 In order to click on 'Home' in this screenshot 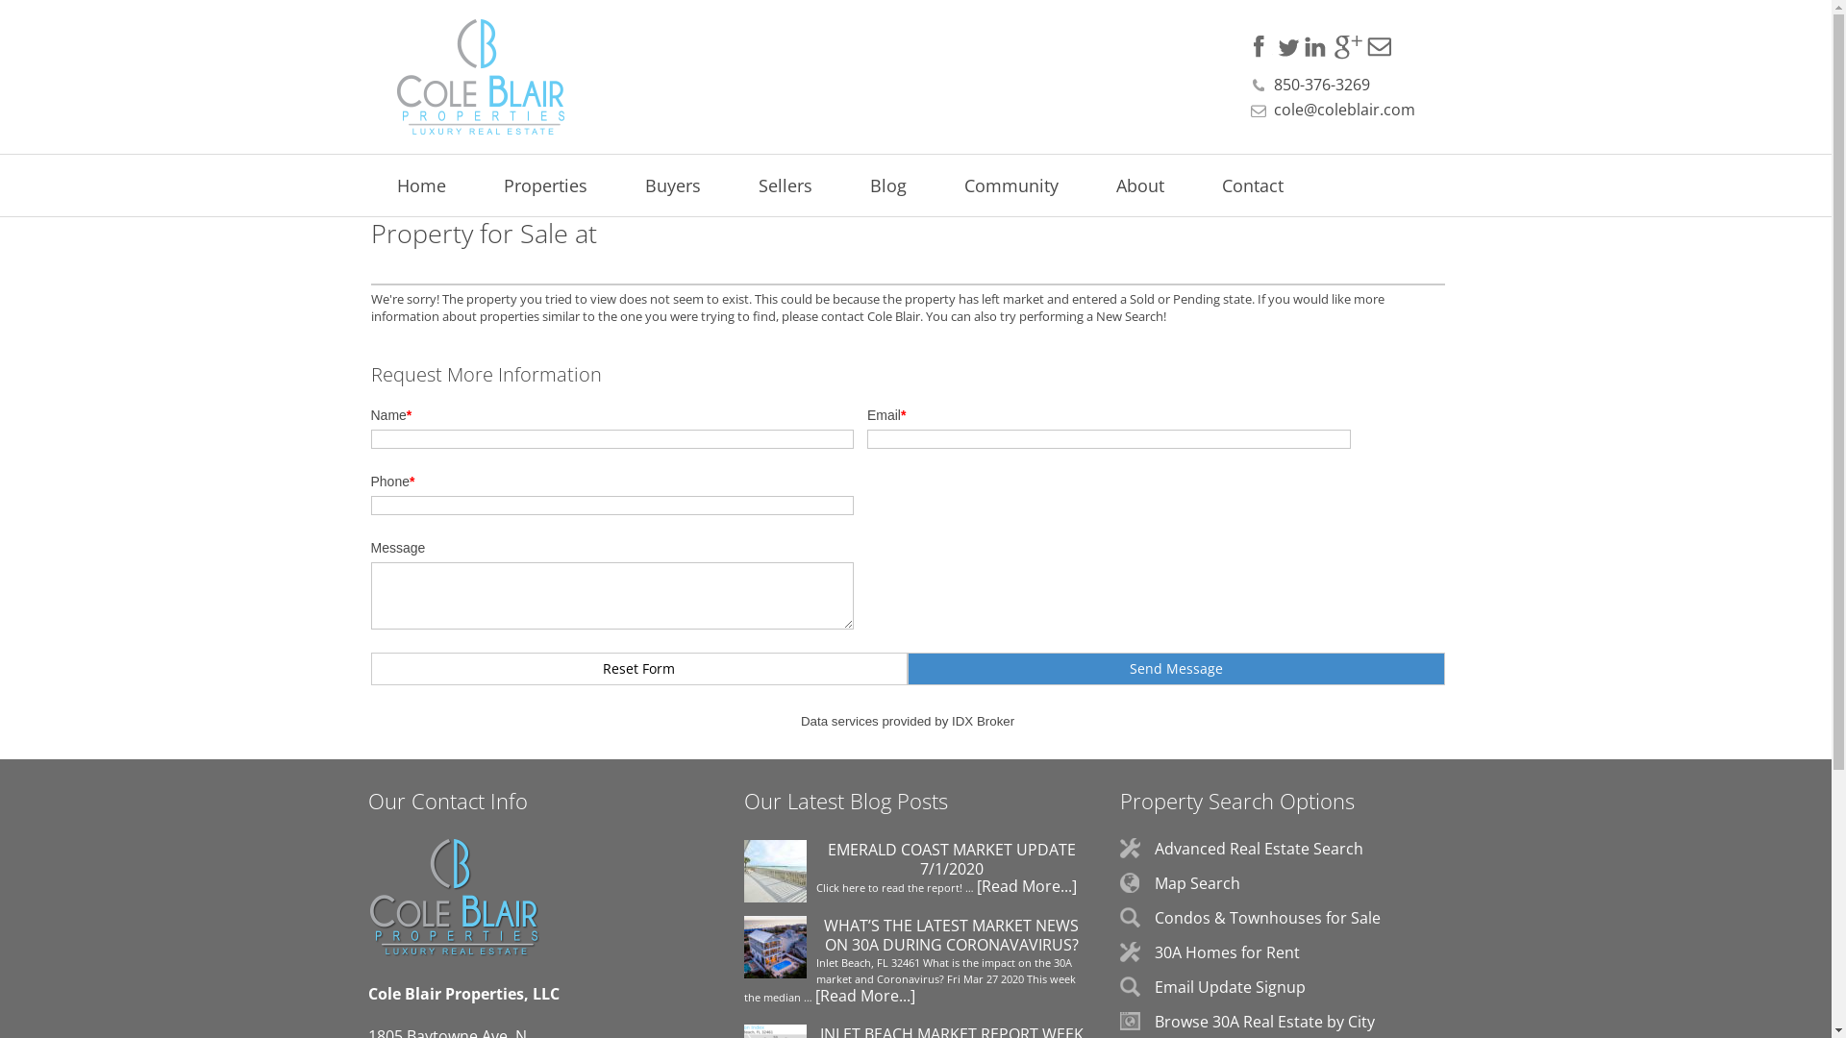, I will do `click(419, 185)`.